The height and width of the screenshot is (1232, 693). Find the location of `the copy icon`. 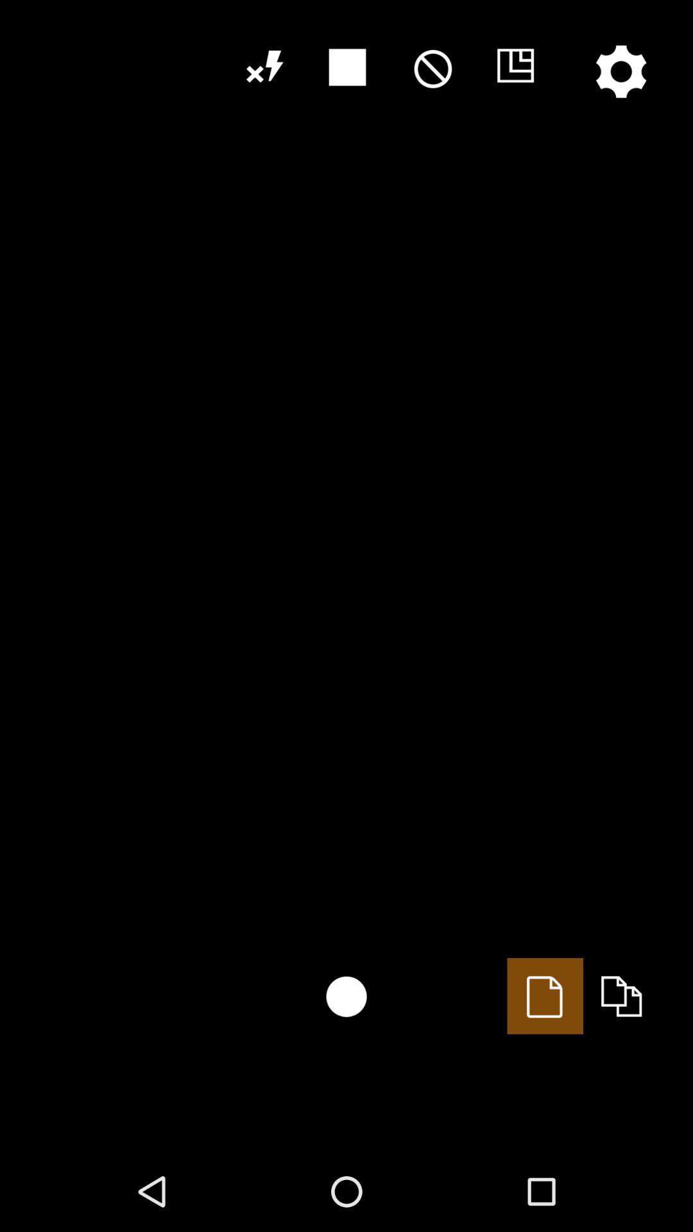

the copy icon is located at coordinates (545, 995).